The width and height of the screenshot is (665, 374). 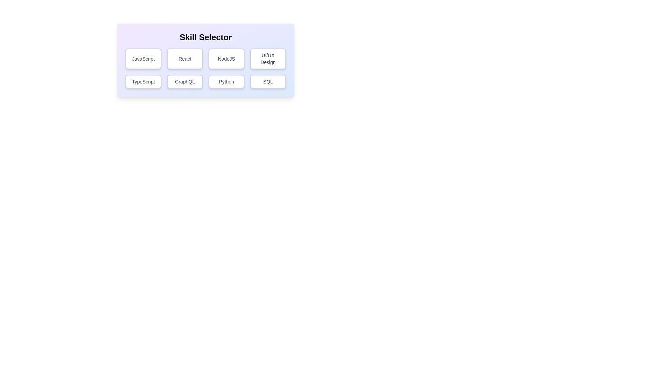 What do you see at coordinates (185, 58) in the screenshot?
I see `the button corresponding to the skill React to toggle its selection` at bounding box center [185, 58].